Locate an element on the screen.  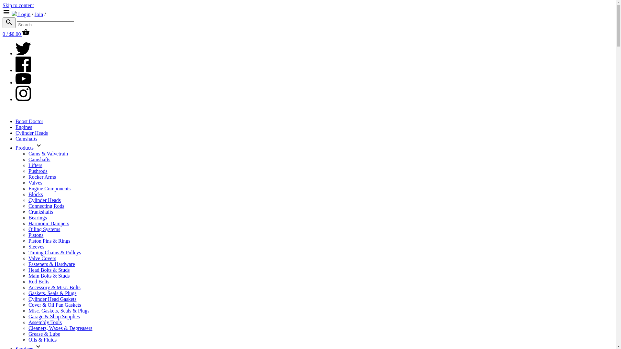
'Grease & Lube' is located at coordinates (44, 334).